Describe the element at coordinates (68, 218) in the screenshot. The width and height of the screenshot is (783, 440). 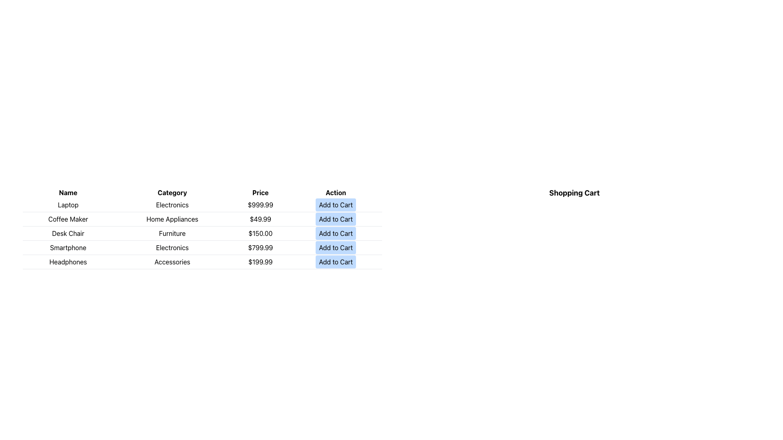
I see `the 'Coffee Maker' label in the second row of the table under the 'Name' column, if it is a clickable element` at that location.